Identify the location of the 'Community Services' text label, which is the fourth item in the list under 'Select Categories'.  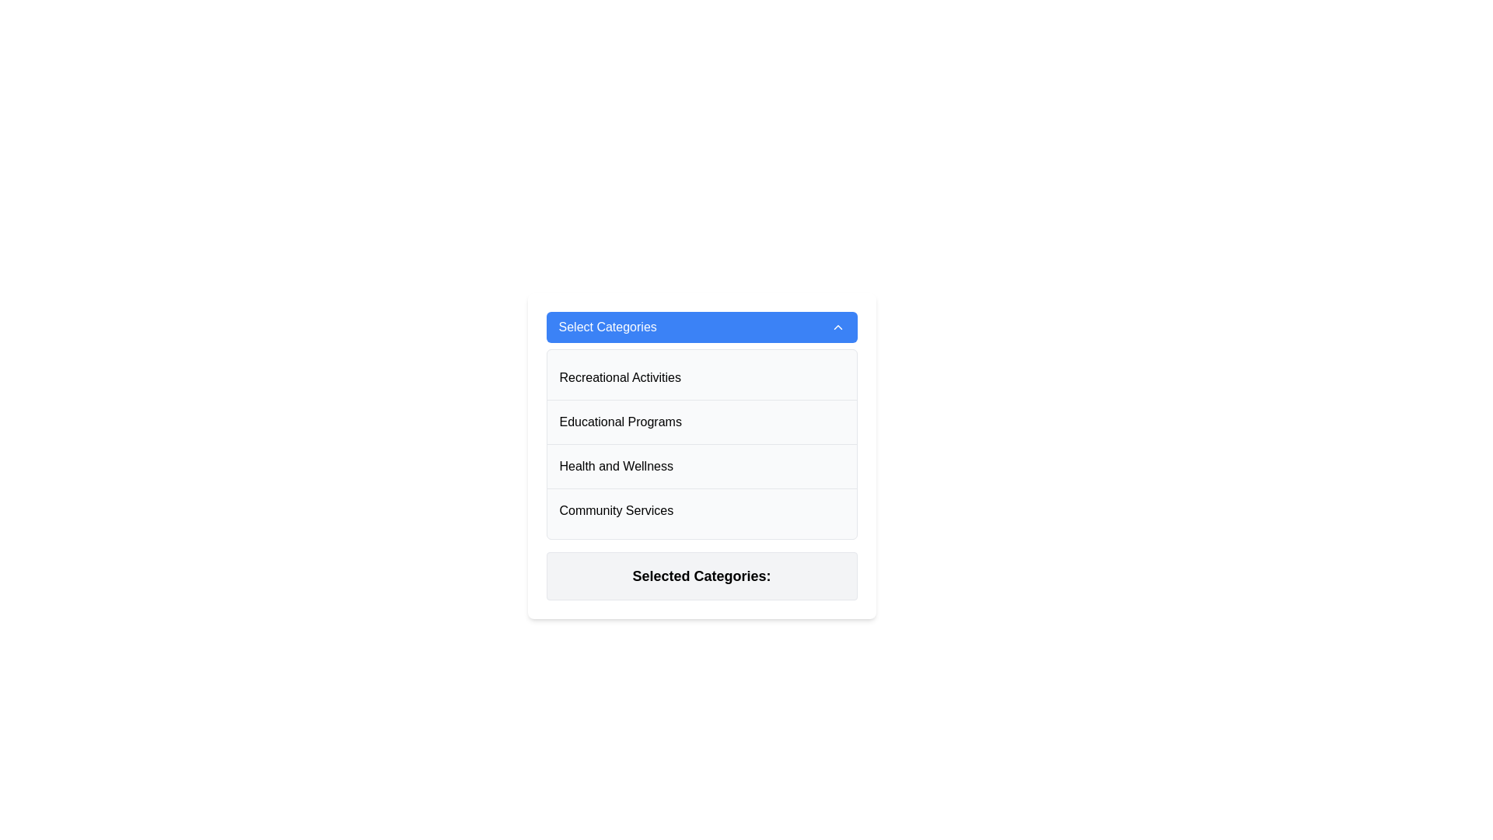
(615, 510).